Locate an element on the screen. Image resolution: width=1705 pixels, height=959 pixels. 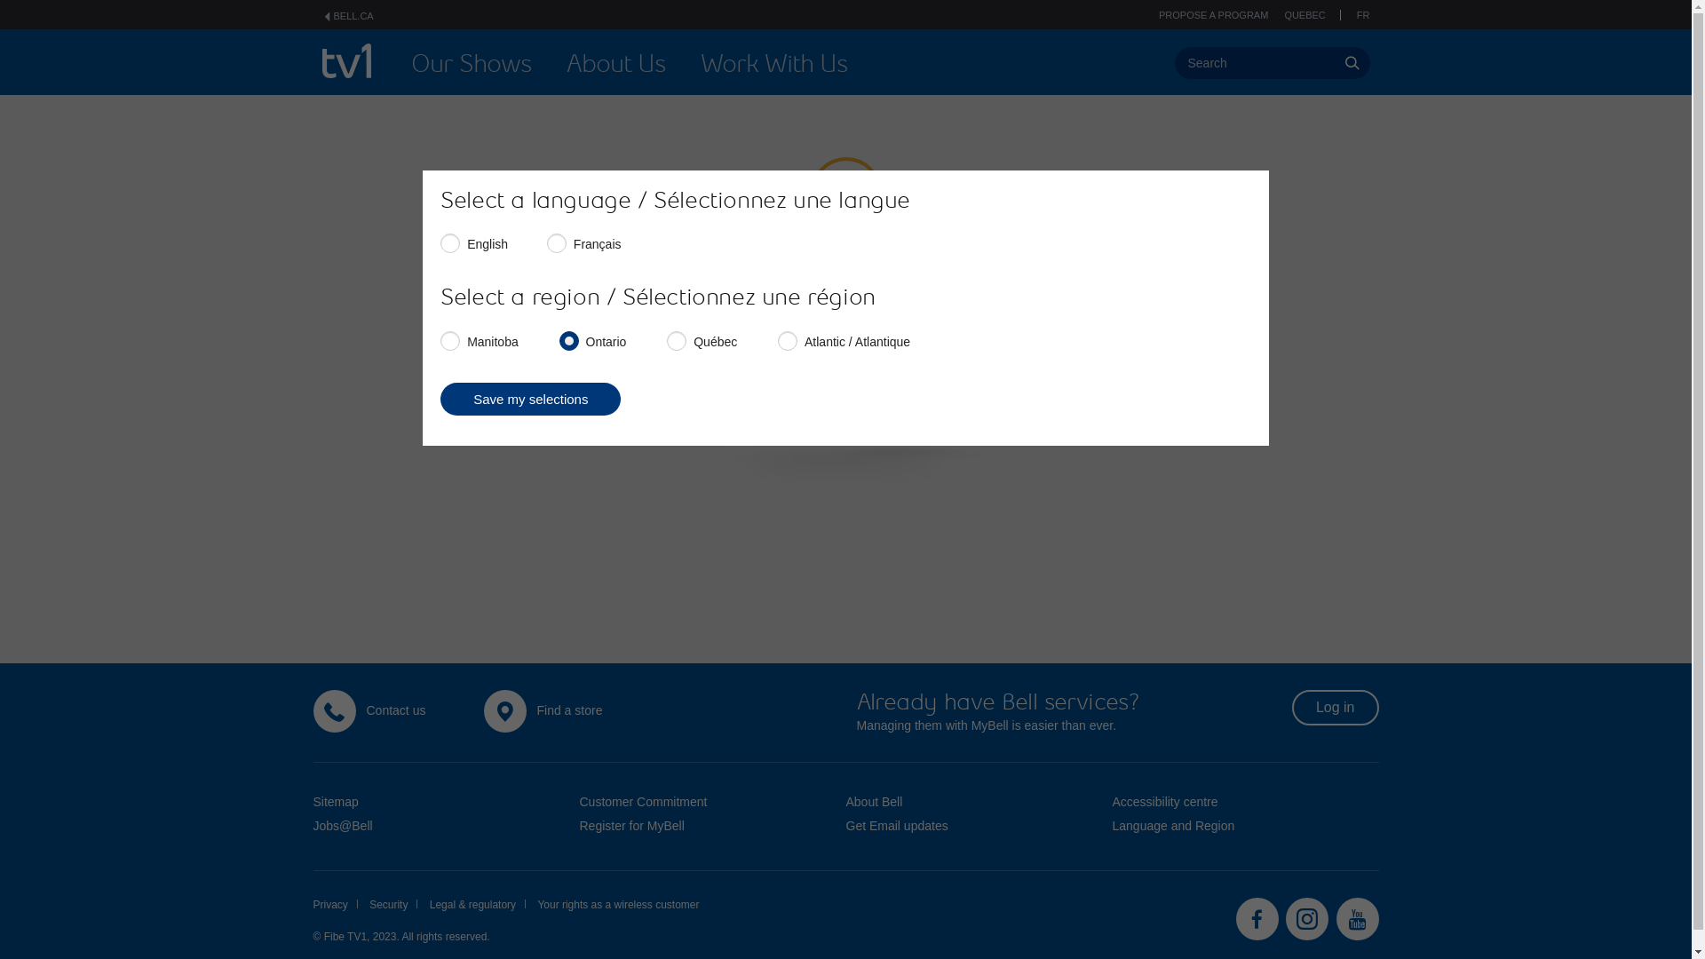
'Search' is located at coordinates (1270, 61).